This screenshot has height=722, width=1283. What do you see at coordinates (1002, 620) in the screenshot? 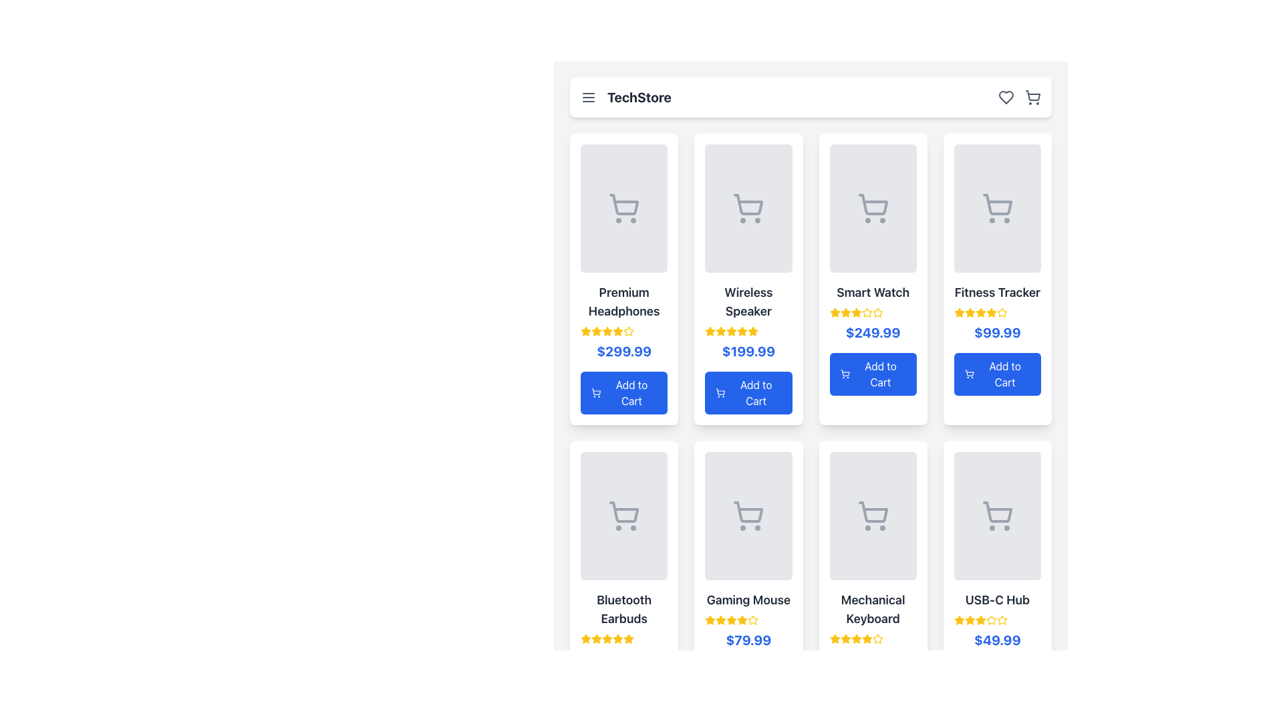
I see `the yellow star-shaped icon` at bounding box center [1002, 620].